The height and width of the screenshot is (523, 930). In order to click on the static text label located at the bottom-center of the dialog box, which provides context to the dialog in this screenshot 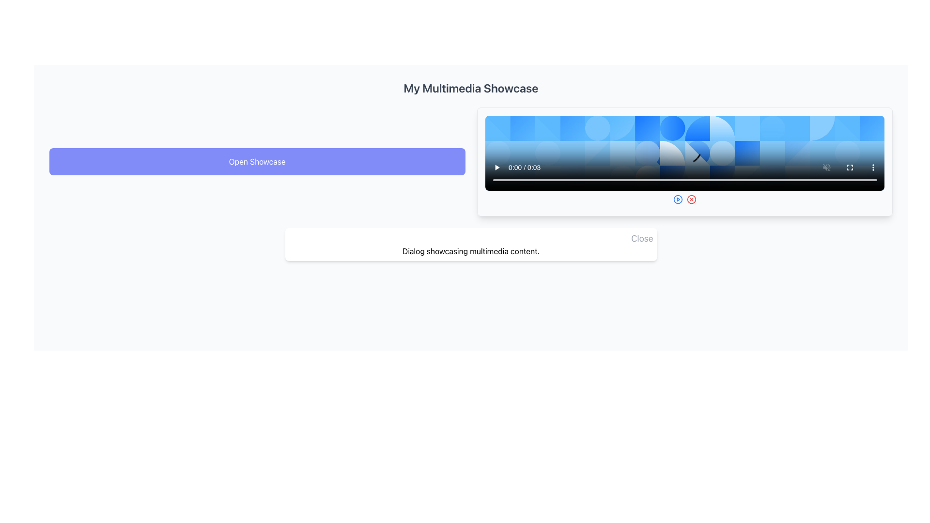, I will do `click(471, 250)`.